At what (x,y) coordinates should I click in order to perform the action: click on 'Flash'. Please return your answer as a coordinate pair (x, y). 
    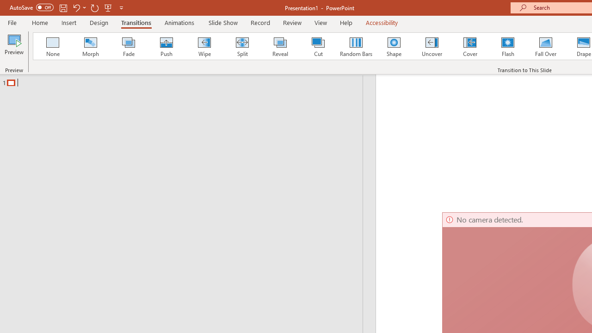
    Looking at the image, I should click on (507, 46).